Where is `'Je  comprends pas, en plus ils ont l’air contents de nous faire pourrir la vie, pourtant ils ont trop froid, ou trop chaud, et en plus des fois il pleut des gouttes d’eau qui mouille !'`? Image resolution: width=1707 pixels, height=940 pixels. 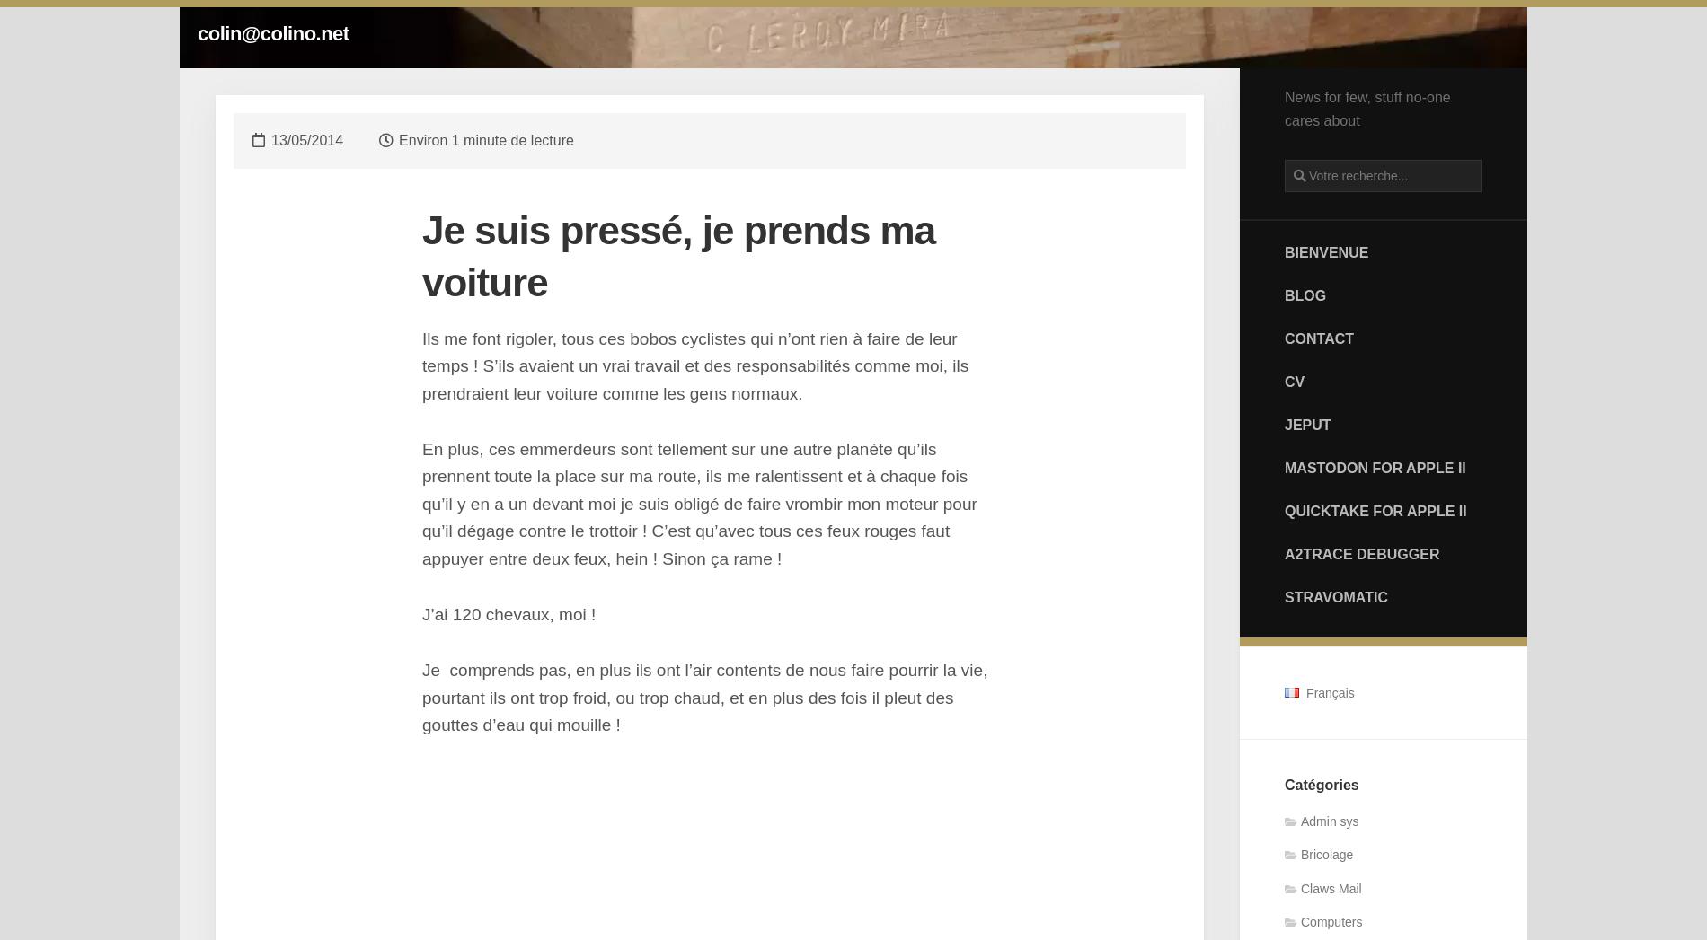 'Je  comprends pas, en plus ils ont l’air contents de nous faire pourrir la vie, pourtant ils ont trop froid, ou trop chaud, et en plus des fois il pleut des gouttes d’eau qui mouille !' is located at coordinates (703, 696).